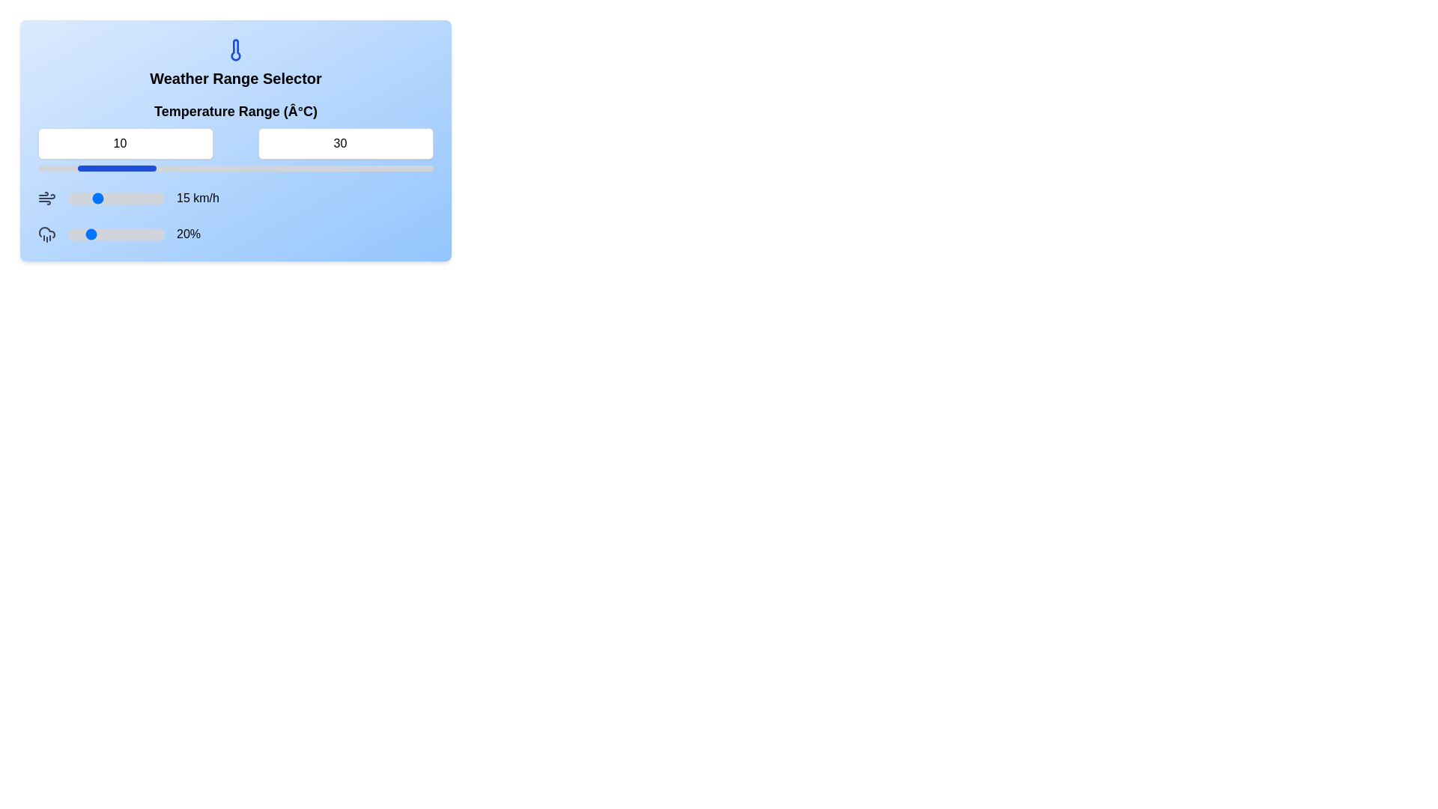  I want to click on the slider, so click(130, 234).